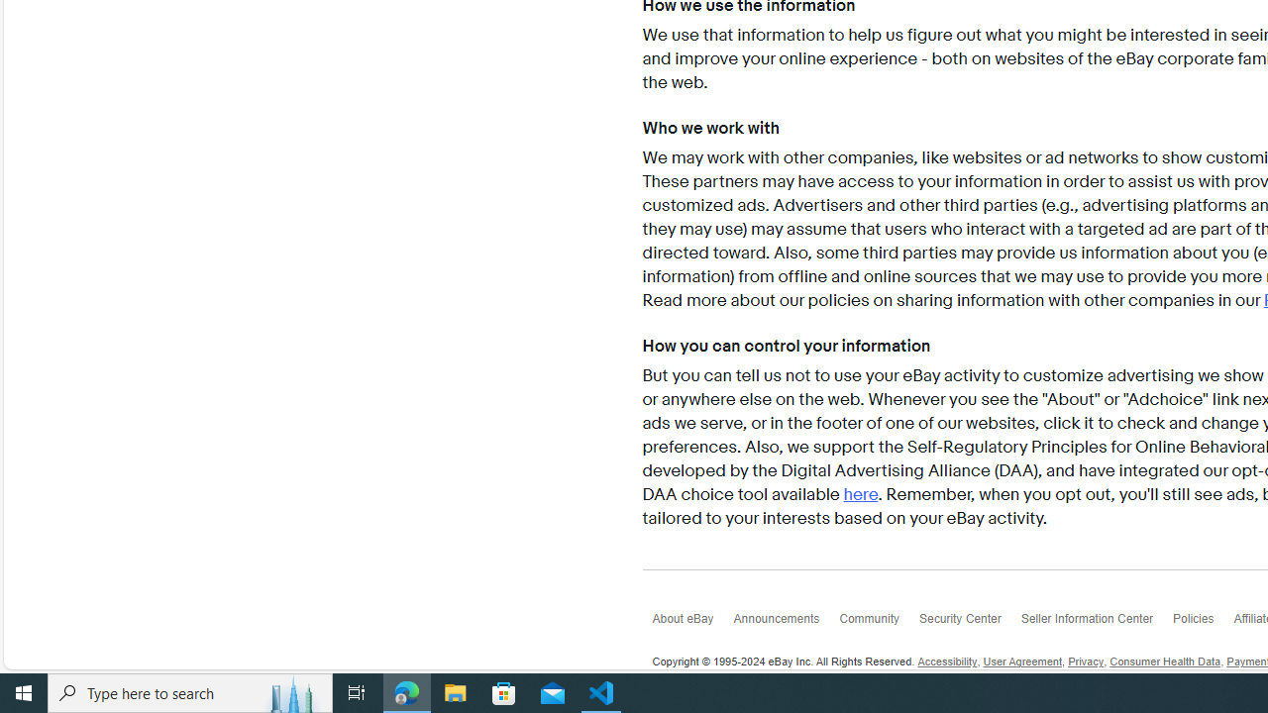 The image size is (1268, 713). What do you see at coordinates (1096, 624) in the screenshot?
I see `'Seller Information Center'` at bounding box center [1096, 624].